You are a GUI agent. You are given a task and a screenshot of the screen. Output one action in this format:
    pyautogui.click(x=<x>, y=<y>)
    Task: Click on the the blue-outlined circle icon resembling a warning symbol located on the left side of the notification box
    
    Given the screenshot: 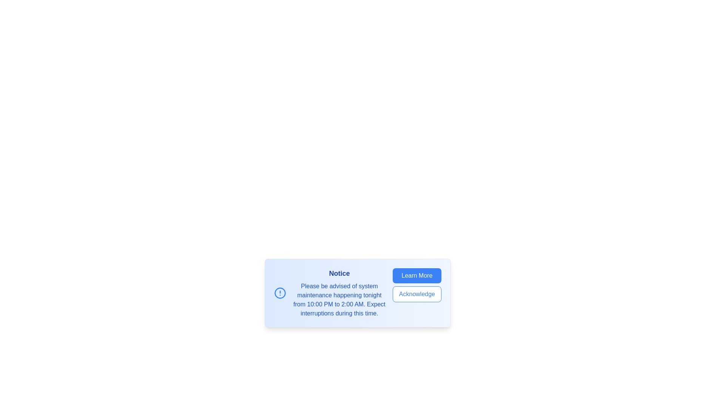 What is the action you would take?
    pyautogui.click(x=280, y=292)
    